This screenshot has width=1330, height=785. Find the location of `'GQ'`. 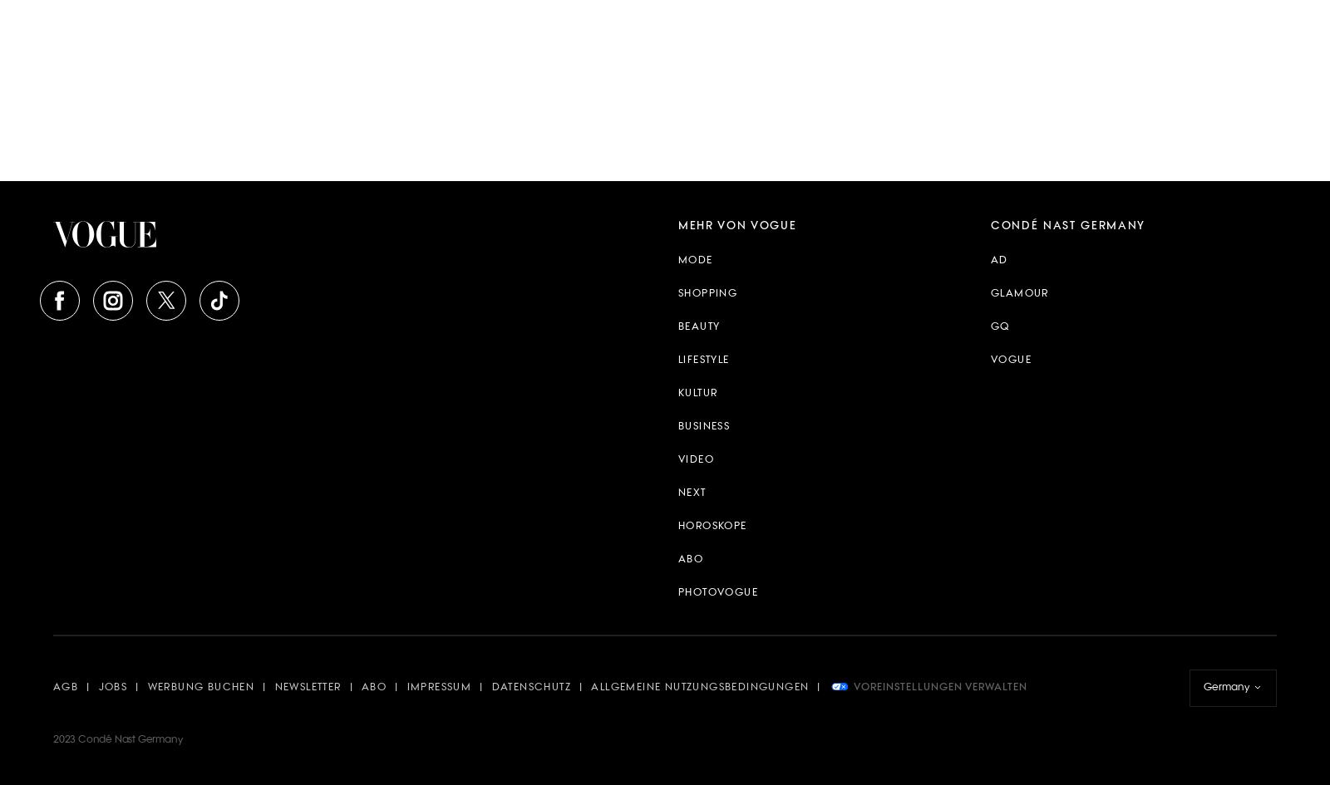

'GQ' is located at coordinates (999, 326).